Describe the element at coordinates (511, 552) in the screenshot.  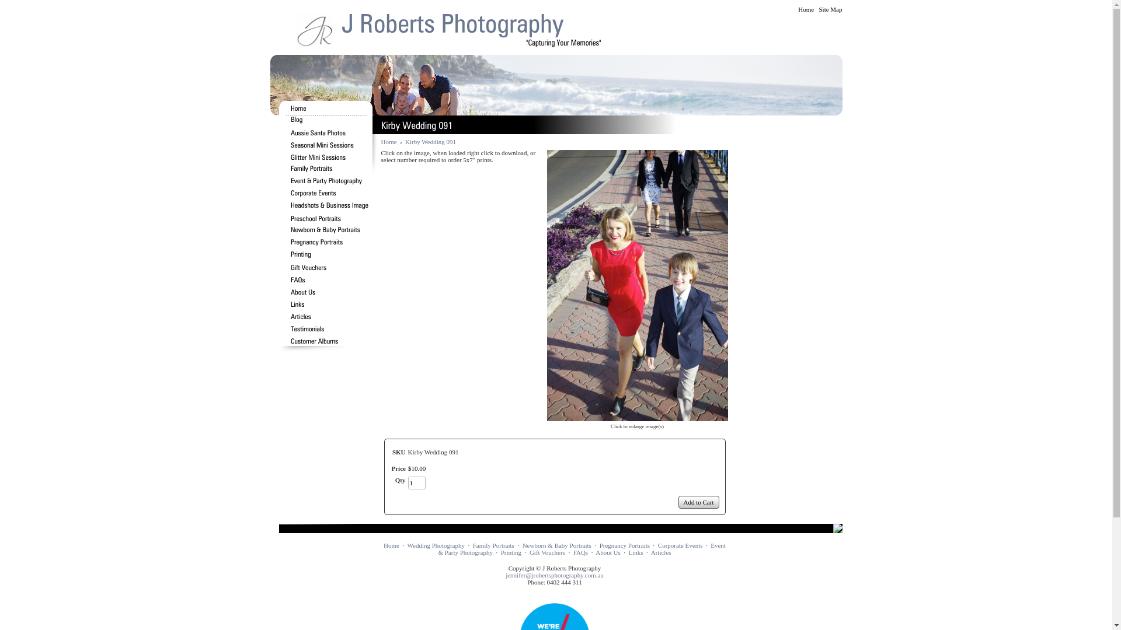
I see `'Printing'` at that location.